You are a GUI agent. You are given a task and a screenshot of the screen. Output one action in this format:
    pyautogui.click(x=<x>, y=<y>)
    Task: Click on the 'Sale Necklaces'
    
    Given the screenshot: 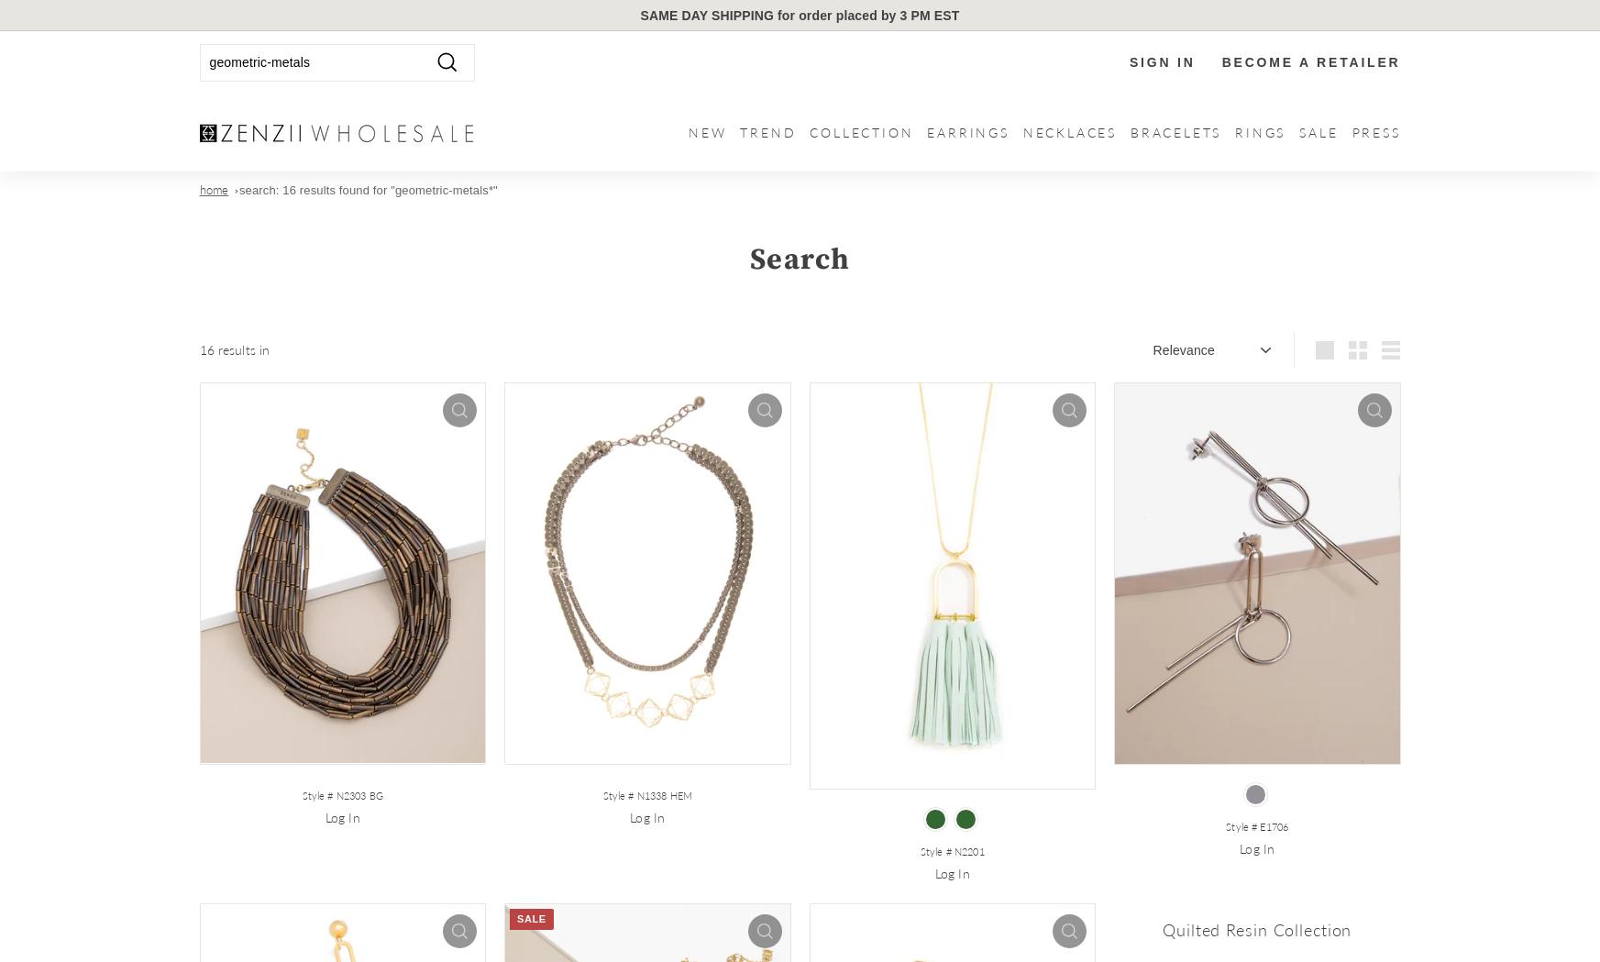 What is the action you would take?
    pyautogui.click(x=1355, y=244)
    